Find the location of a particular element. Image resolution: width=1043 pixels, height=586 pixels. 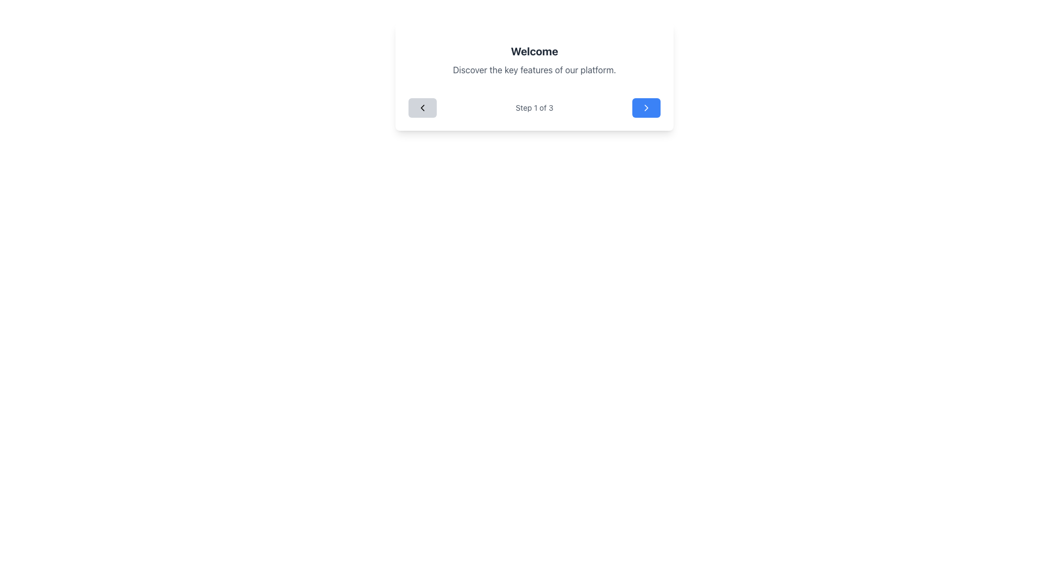

the text label that serves as a title or introductory text, positioned above the text 'Discover the key features of our platform.' is located at coordinates (534, 52).